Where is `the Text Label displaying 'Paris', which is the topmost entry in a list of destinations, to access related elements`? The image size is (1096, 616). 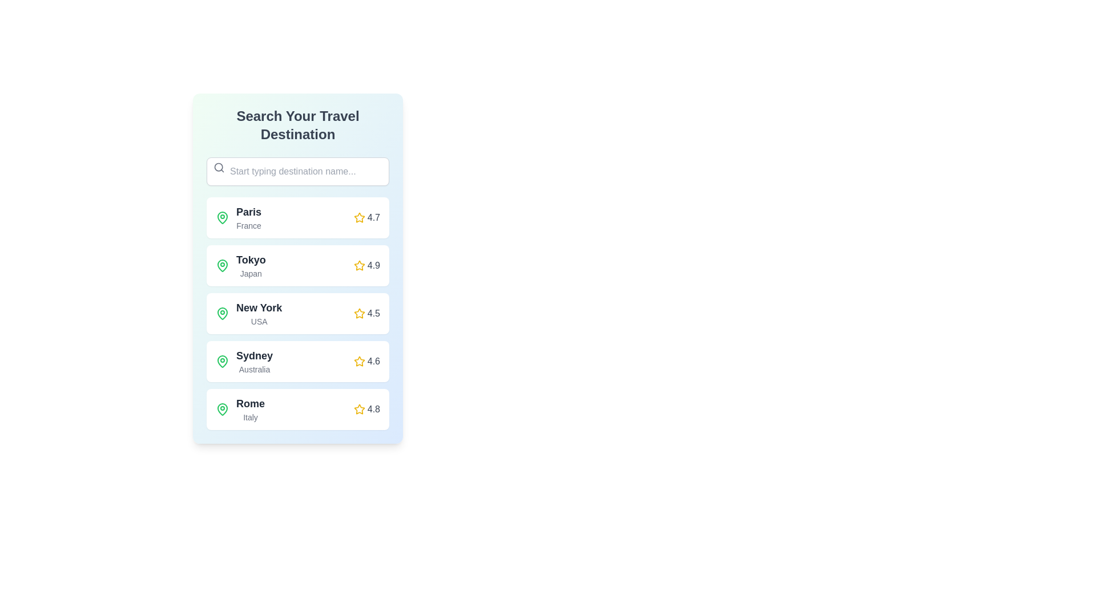
the Text Label displaying 'Paris', which is the topmost entry in a list of destinations, to access related elements is located at coordinates (248, 212).